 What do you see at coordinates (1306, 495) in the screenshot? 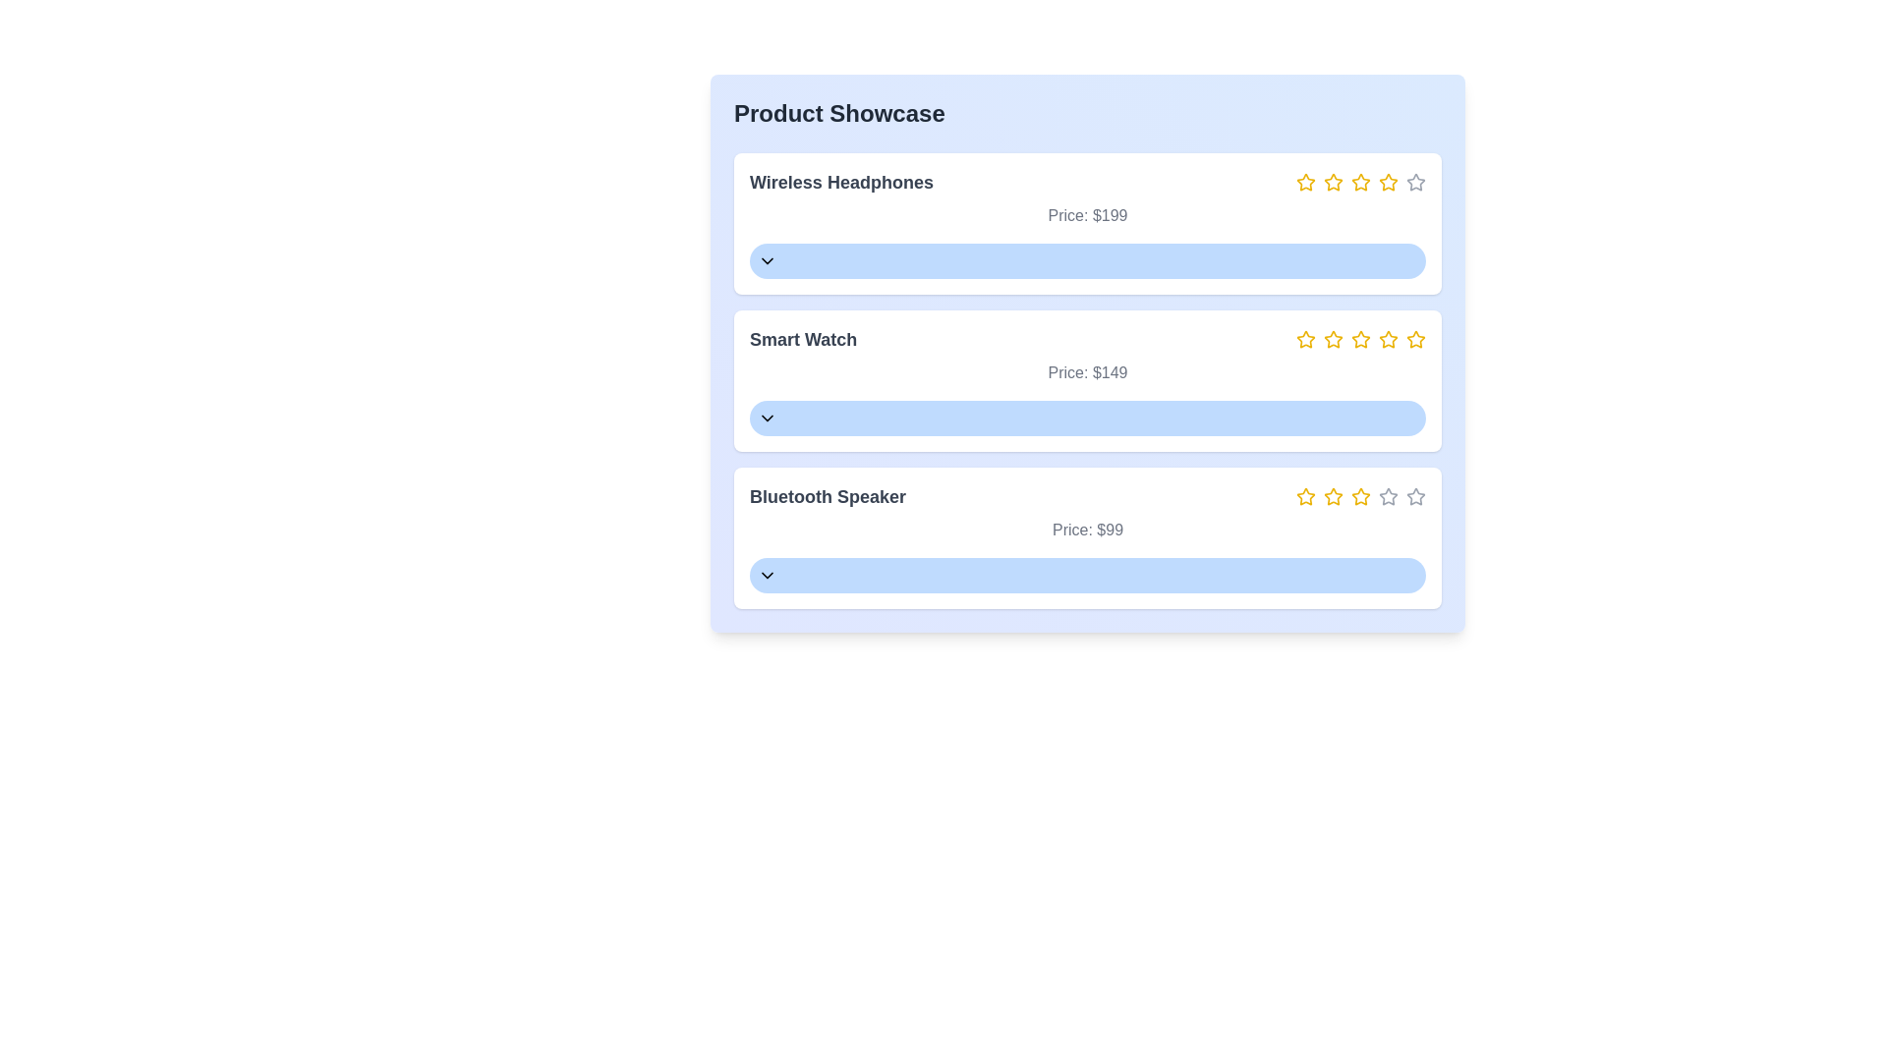
I see `the first yellow star icon in the ratings section of the Bluetooth Speaker entry to rate it` at bounding box center [1306, 495].